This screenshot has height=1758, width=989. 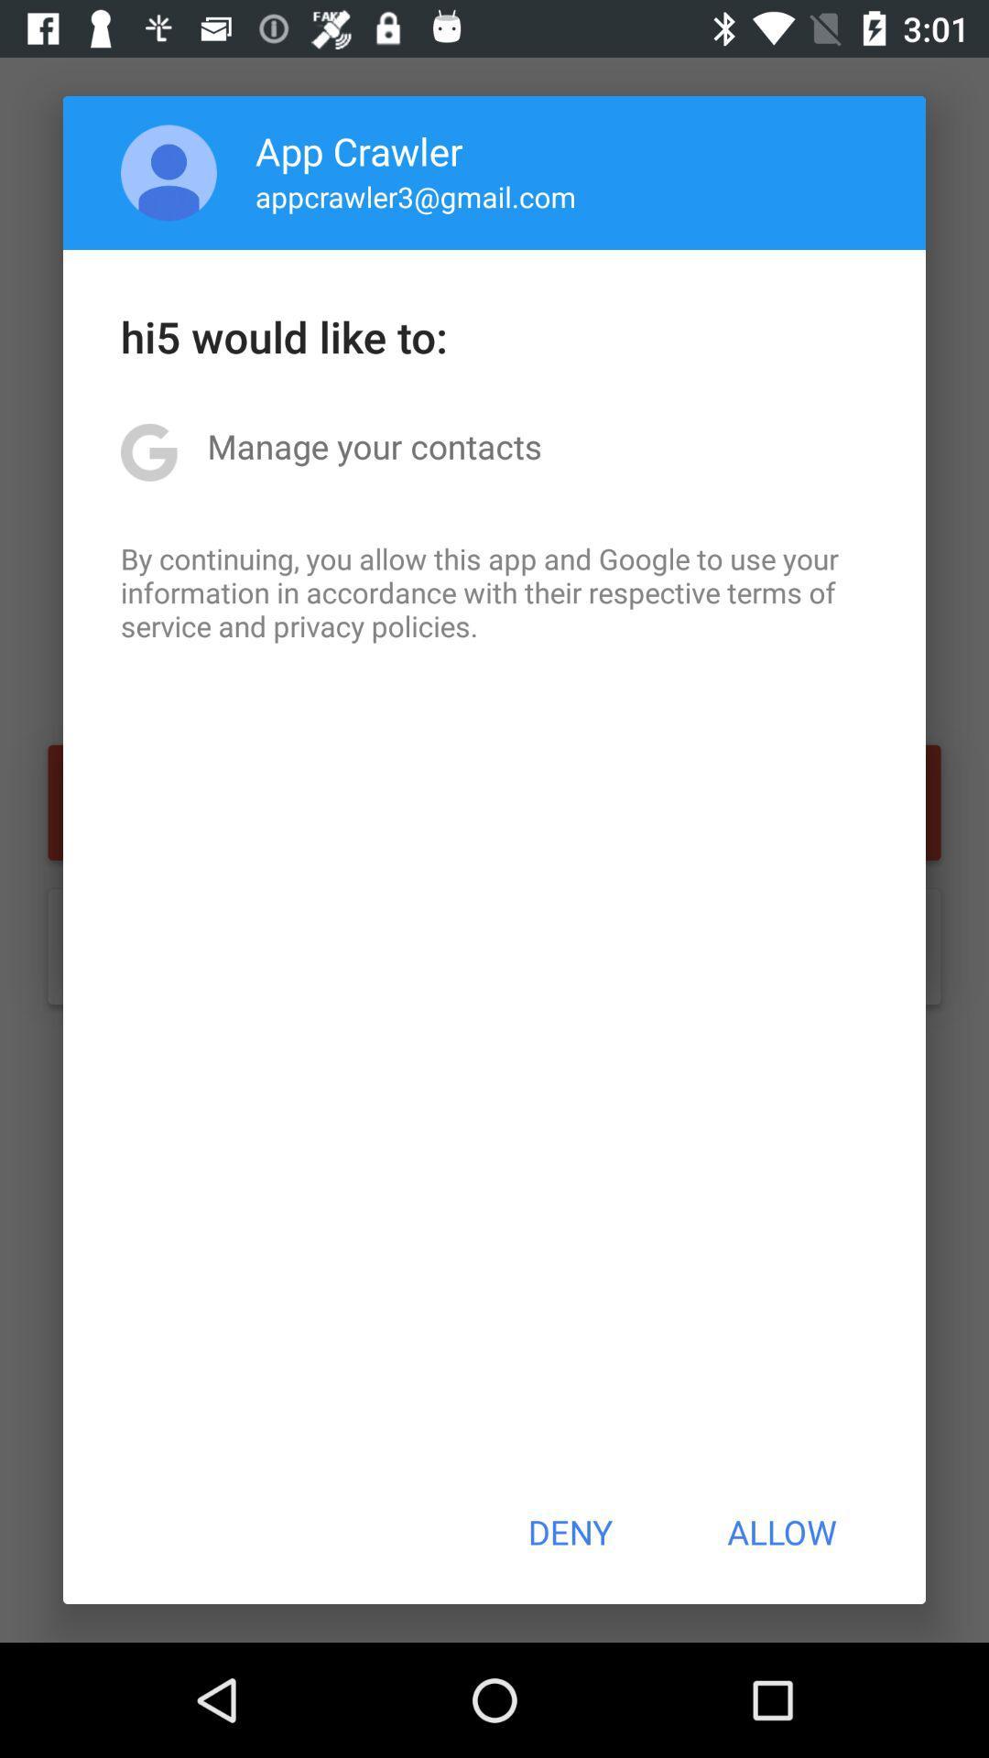 I want to click on deny, so click(x=569, y=1532).